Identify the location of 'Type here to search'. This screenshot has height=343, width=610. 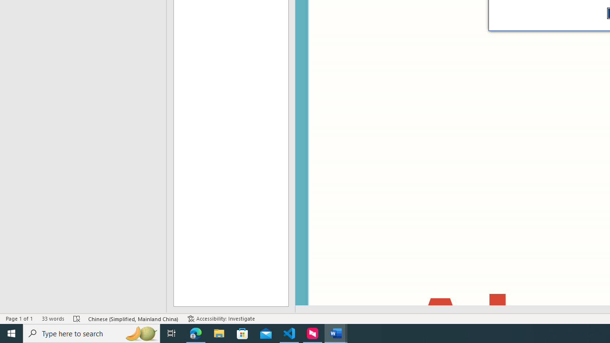
(91, 333).